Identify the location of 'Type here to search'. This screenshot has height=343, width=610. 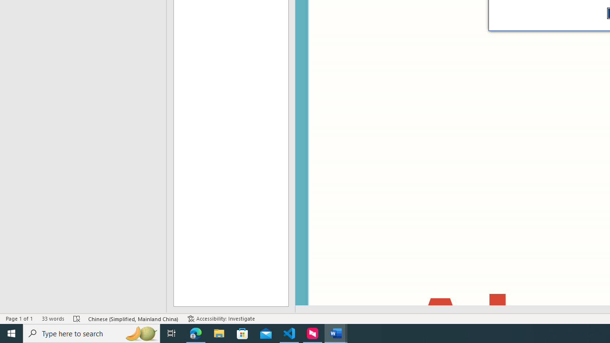
(91, 333).